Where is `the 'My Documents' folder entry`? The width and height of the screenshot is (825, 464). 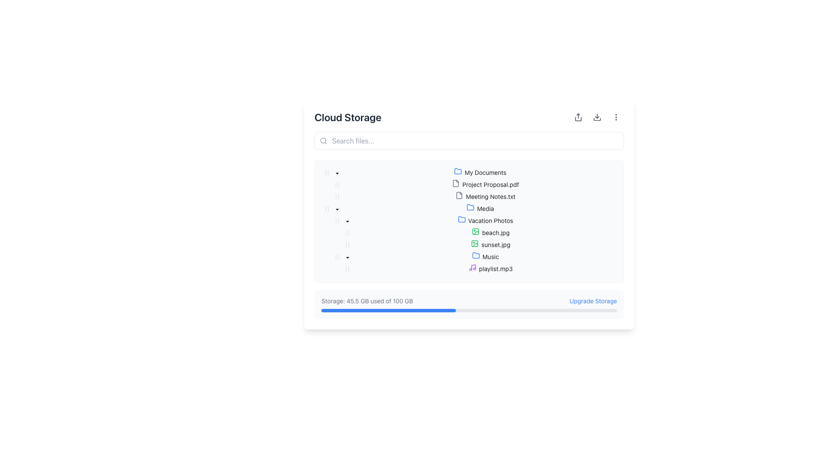 the 'My Documents' folder entry is located at coordinates (480, 172).